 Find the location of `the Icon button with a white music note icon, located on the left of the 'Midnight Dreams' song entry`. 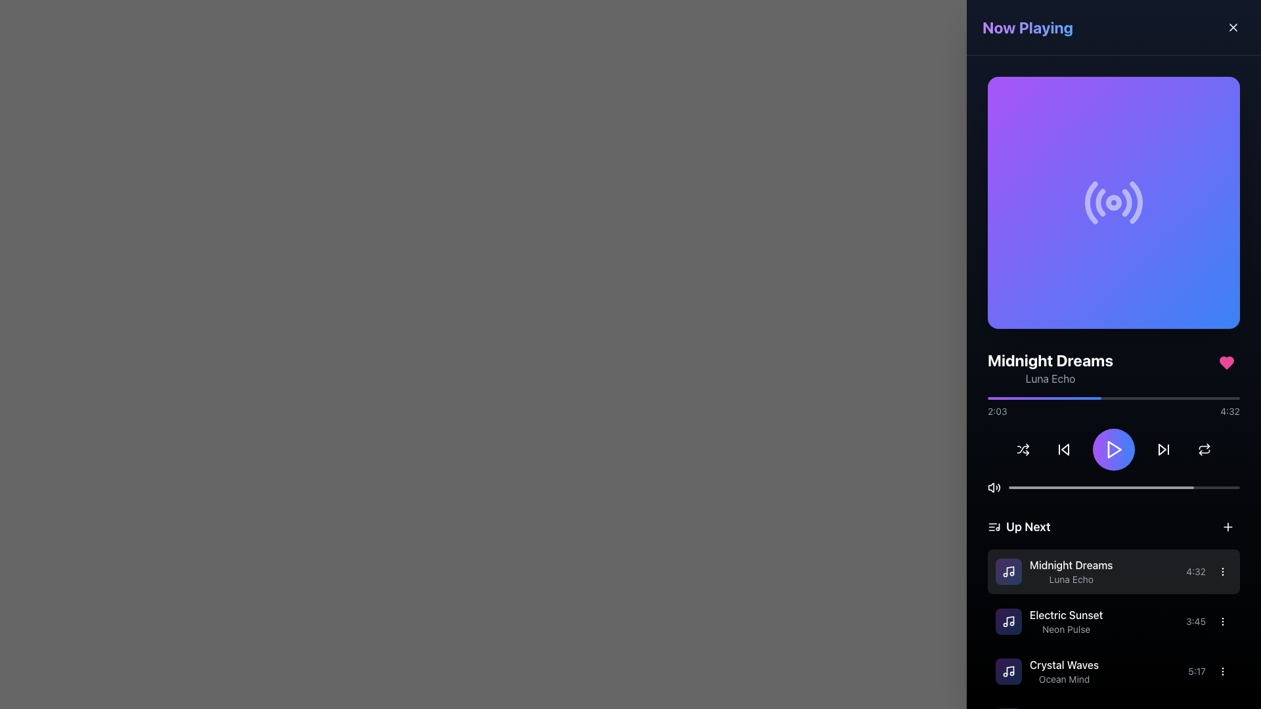

the Icon button with a white music note icon, located on the left of the 'Midnight Dreams' song entry is located at coordinates (1008, 571).